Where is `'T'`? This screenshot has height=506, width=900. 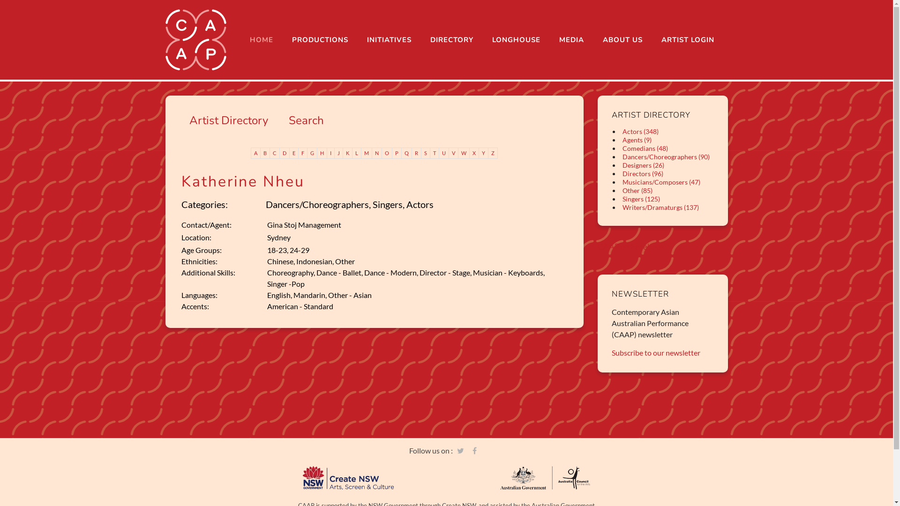 'T' is located at coordinates (434, 153).